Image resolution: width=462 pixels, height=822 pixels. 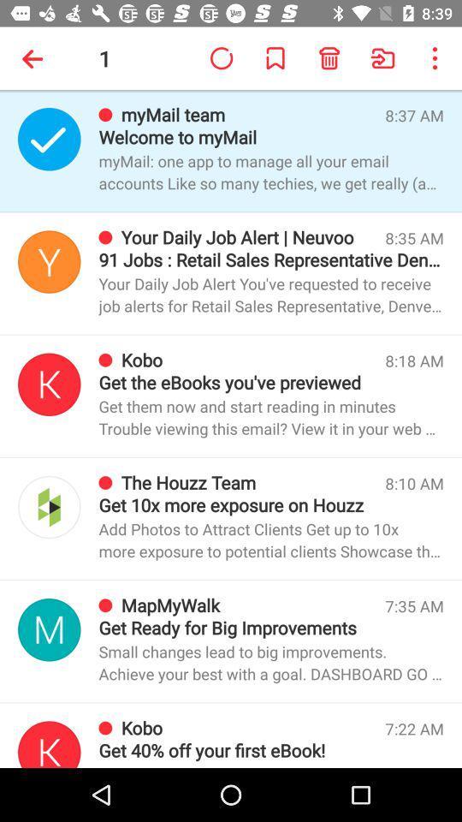 What do you see at coordinates (49, 743) in the screenshot?
I see `the skip_previous icon` at bounding box center [49, 743].